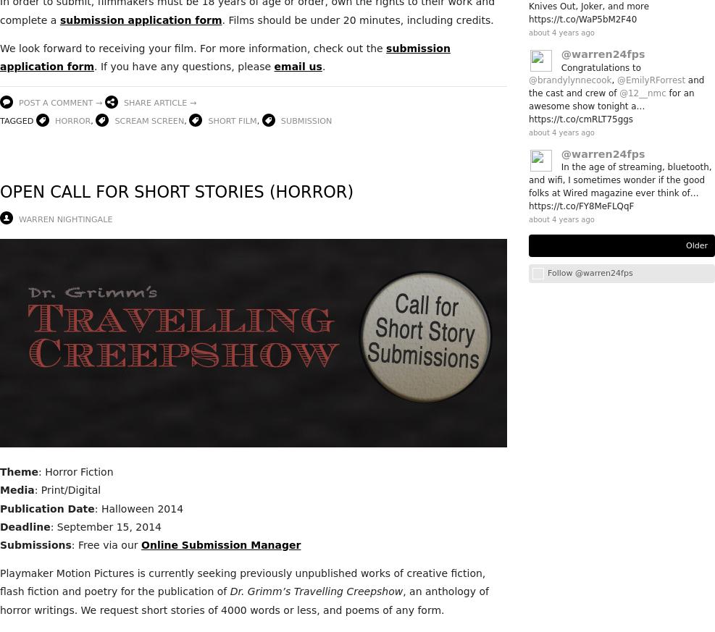  What do you see at coordinates (324, 67) in the screenshot?
I see `'.'` at bounding box center [324, 67].